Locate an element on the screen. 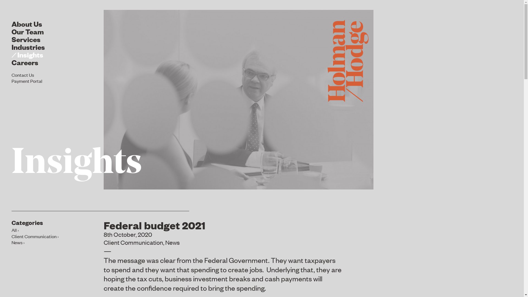  'News' is located at coordinates (172, 242).